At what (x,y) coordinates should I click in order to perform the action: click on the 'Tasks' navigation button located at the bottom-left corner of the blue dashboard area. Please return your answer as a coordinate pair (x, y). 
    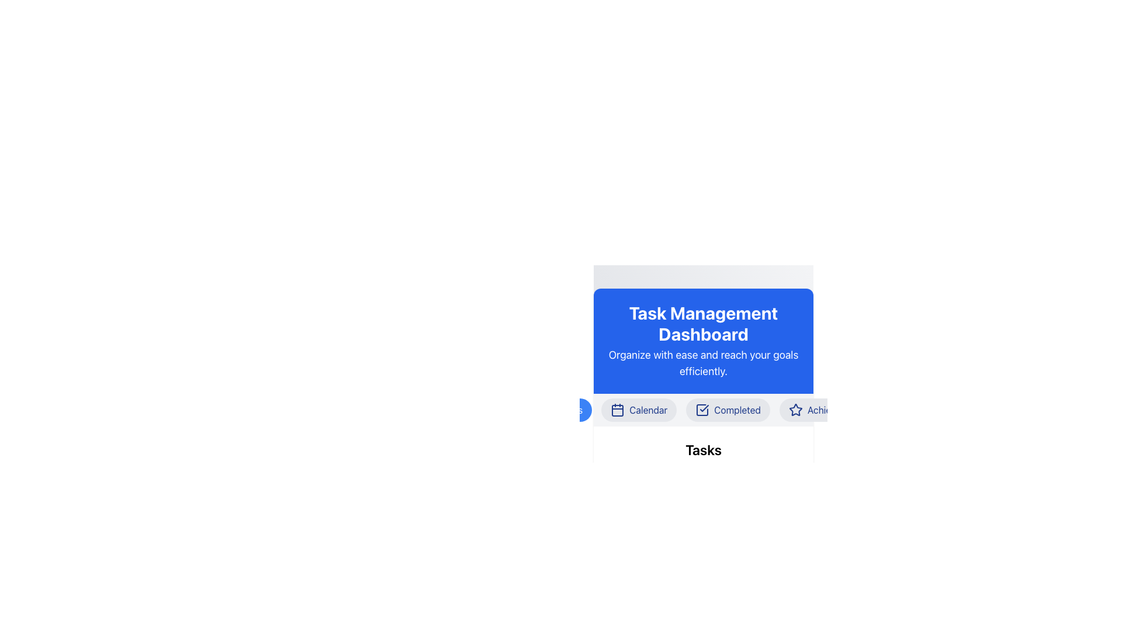
    Looking at the image, I should click on (570, 410).